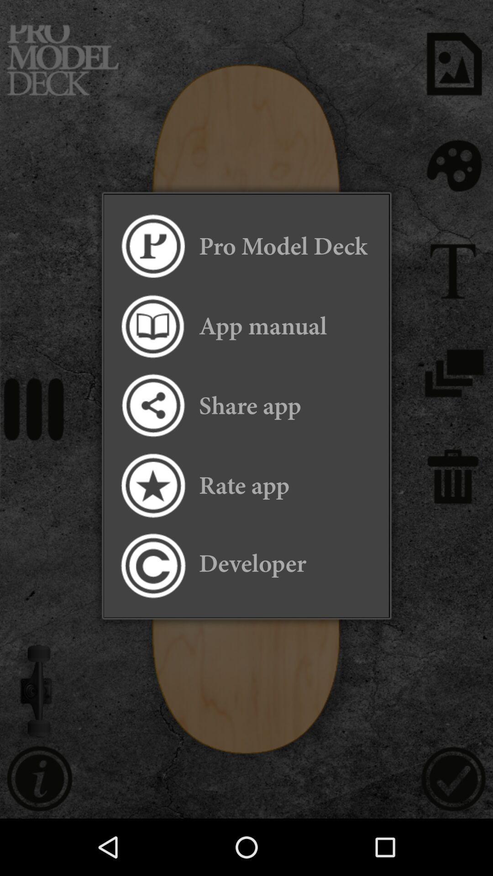 The image size is (493, 876). Describe the element at coordinates (152, 405) in the screenshot. I see `share this app` at that location.